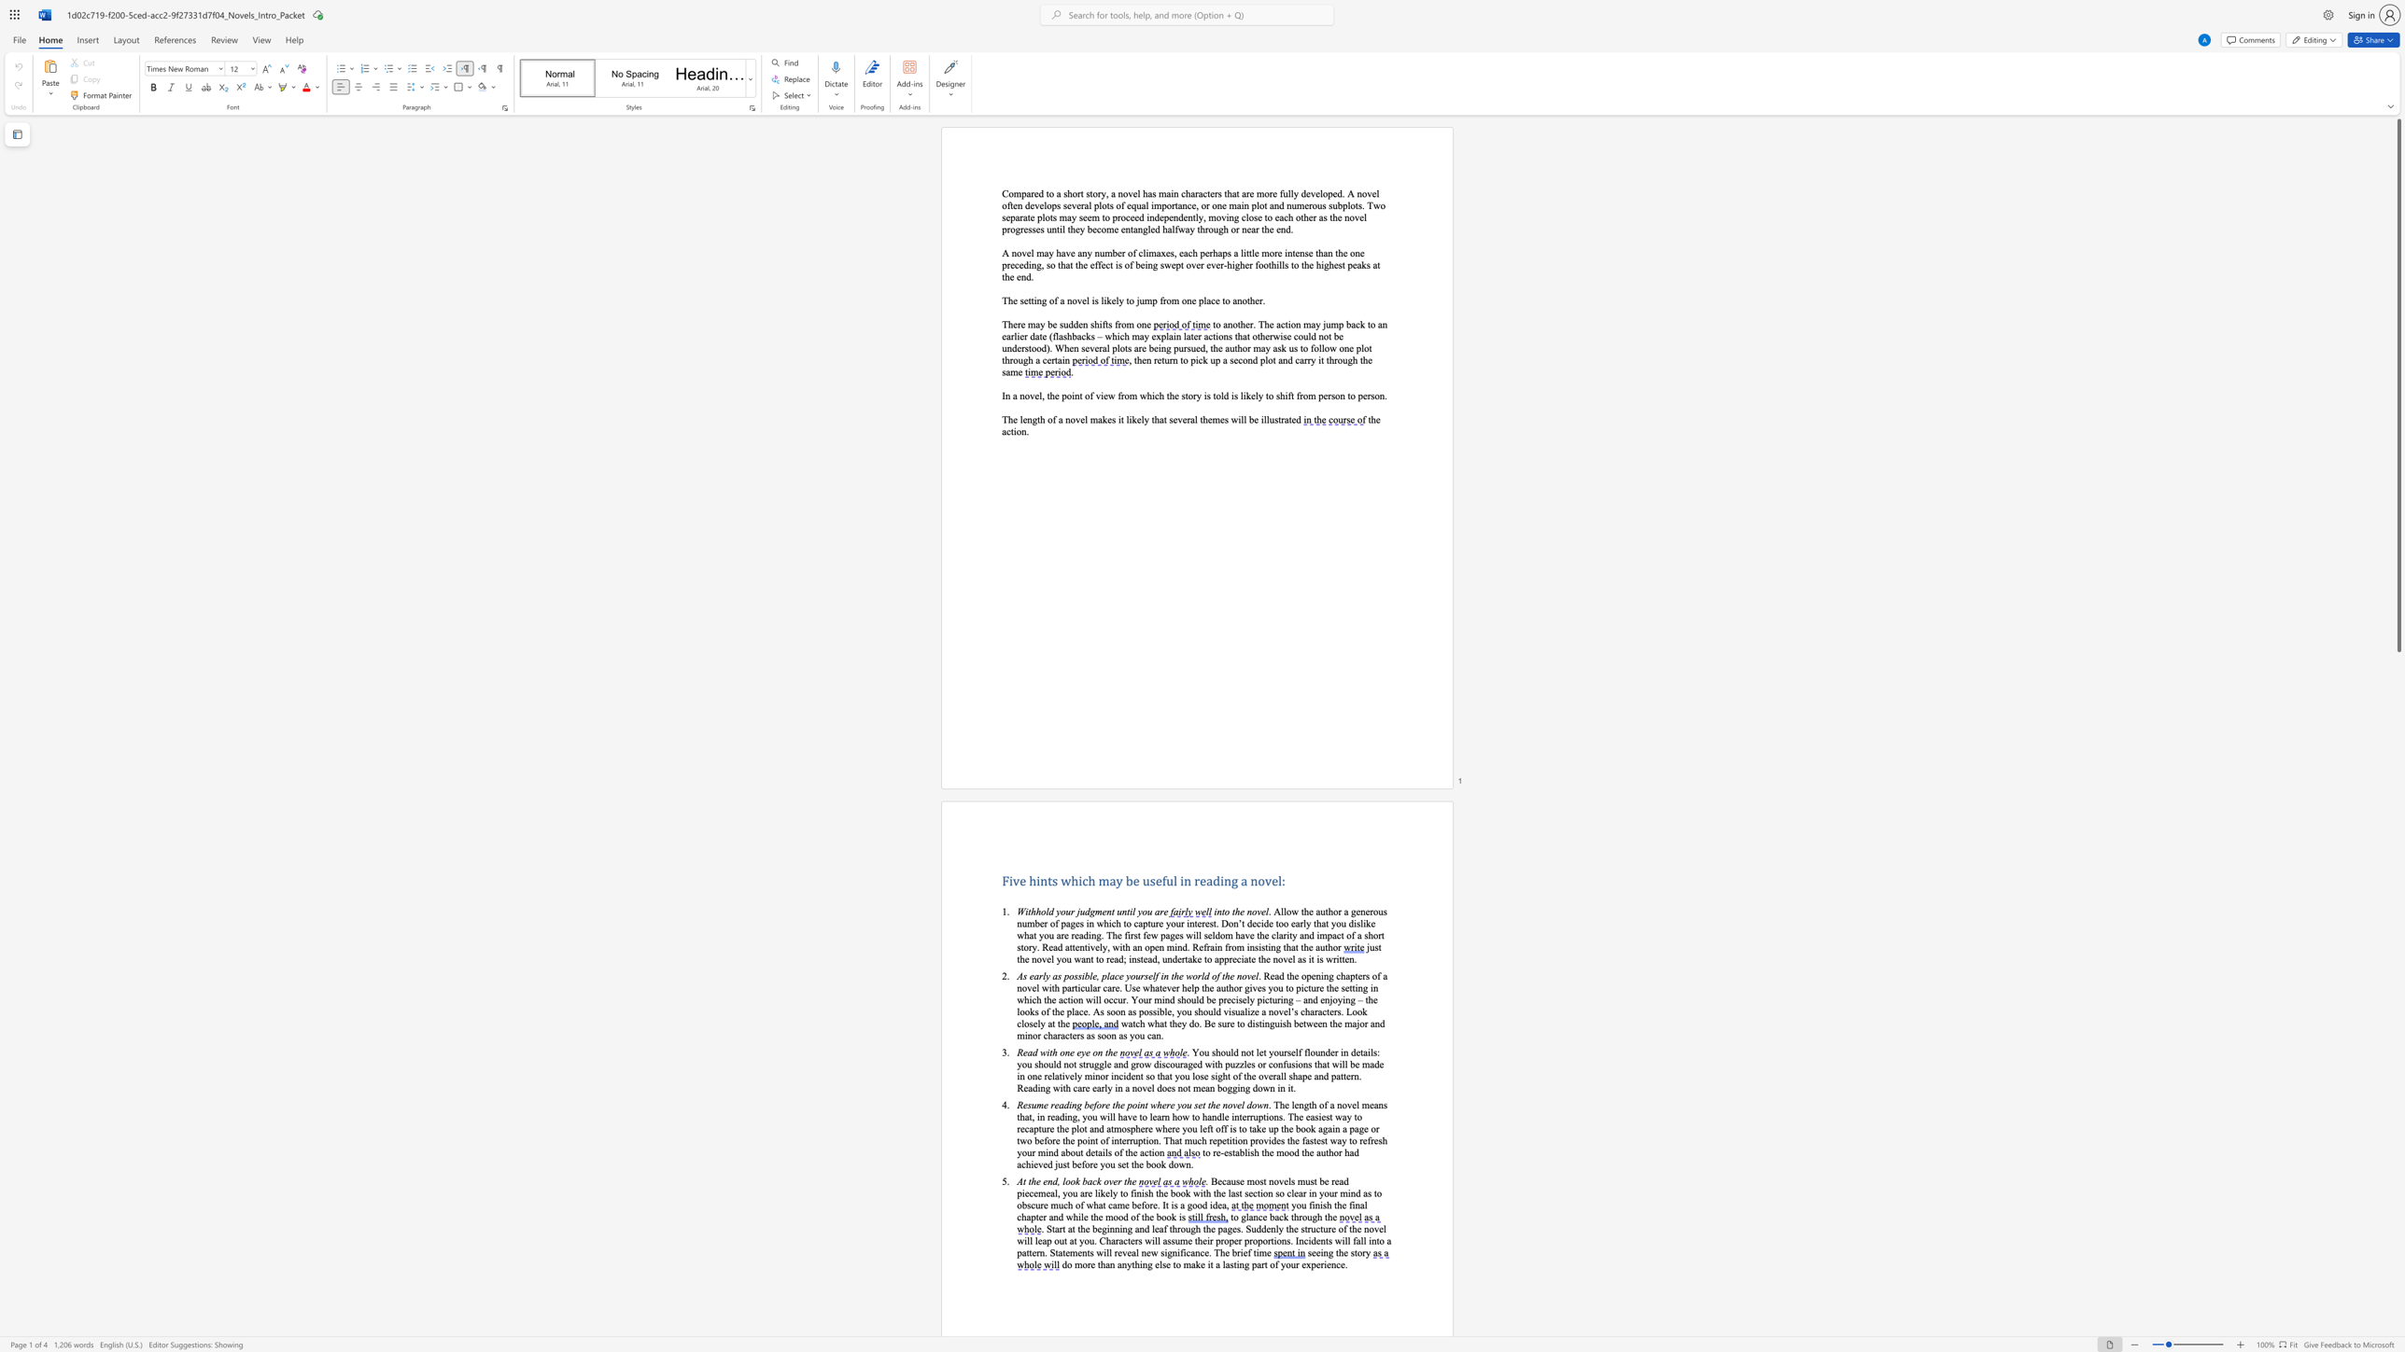  What do you see at coordinates (1095, 1151) in the screenshot?
I see `the 6th character "t" in the text` at bounding box center [1095, 1151].